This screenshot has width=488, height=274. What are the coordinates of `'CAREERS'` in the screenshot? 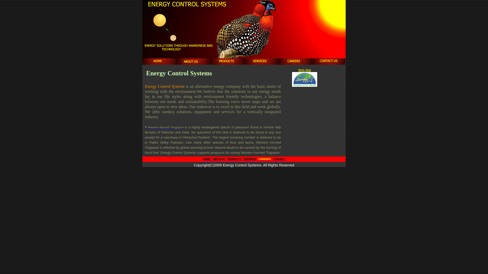 It's located at (264, 159).